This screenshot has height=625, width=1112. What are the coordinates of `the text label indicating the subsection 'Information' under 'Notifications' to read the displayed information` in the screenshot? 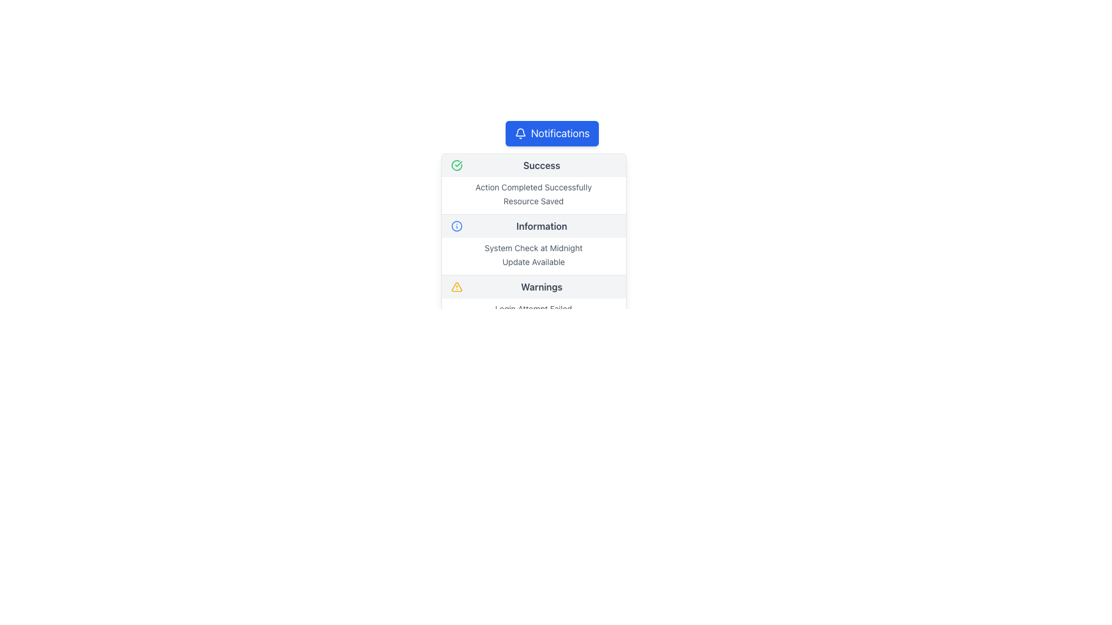 It's located at (541, 226).